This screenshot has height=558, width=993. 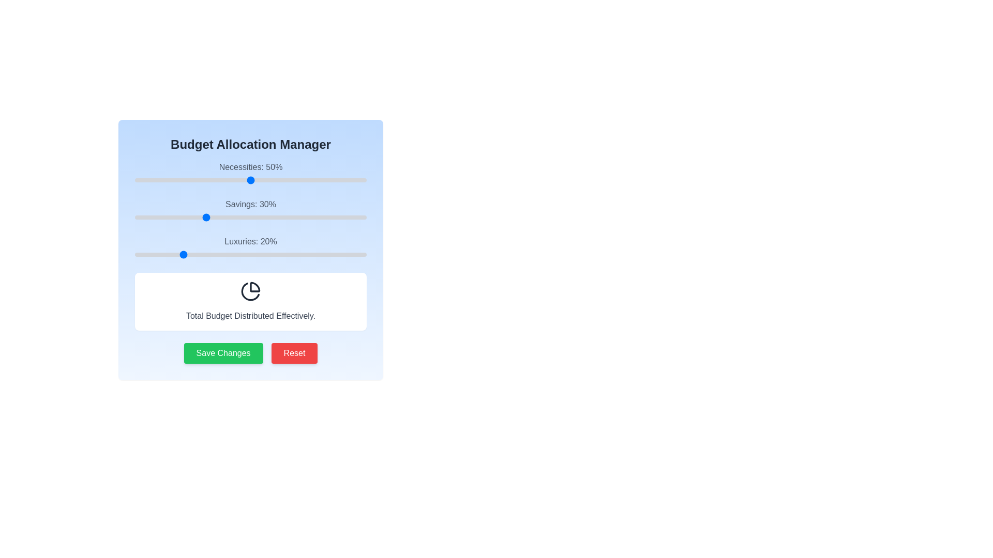 What do you see at coordinates (250, 173) in the screenshot?
I see `the first range slider labeled 'necessities: 50%'` at bounding box center [250, 173].